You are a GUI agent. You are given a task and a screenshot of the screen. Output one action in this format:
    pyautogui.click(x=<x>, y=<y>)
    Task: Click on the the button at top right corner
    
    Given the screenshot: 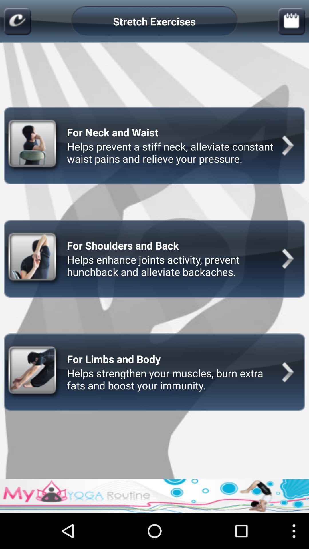 What is the action you would take?
    pyautogui.click(x=292, y=21)
    